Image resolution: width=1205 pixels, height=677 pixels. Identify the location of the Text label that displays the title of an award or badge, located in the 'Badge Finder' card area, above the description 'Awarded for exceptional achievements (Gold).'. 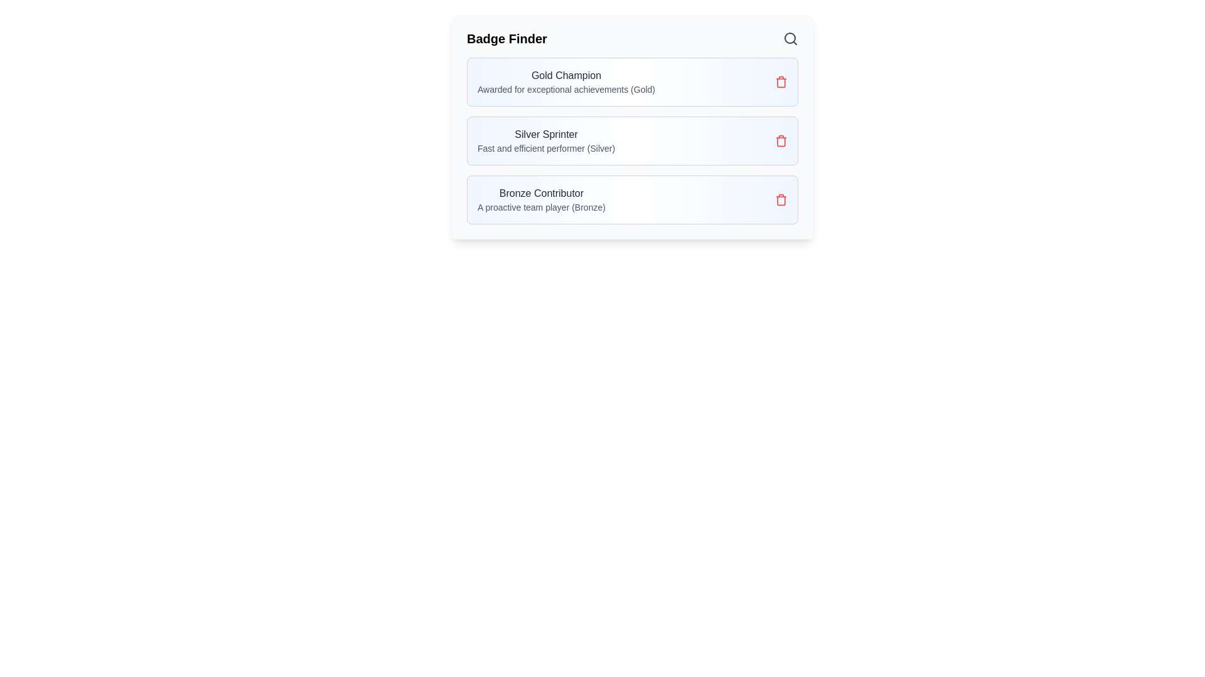
(565, 75).